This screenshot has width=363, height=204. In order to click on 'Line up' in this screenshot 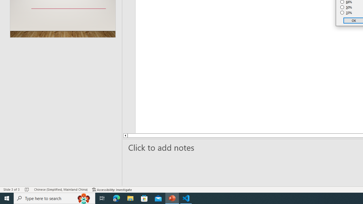, I will do `click(108, 135)`.